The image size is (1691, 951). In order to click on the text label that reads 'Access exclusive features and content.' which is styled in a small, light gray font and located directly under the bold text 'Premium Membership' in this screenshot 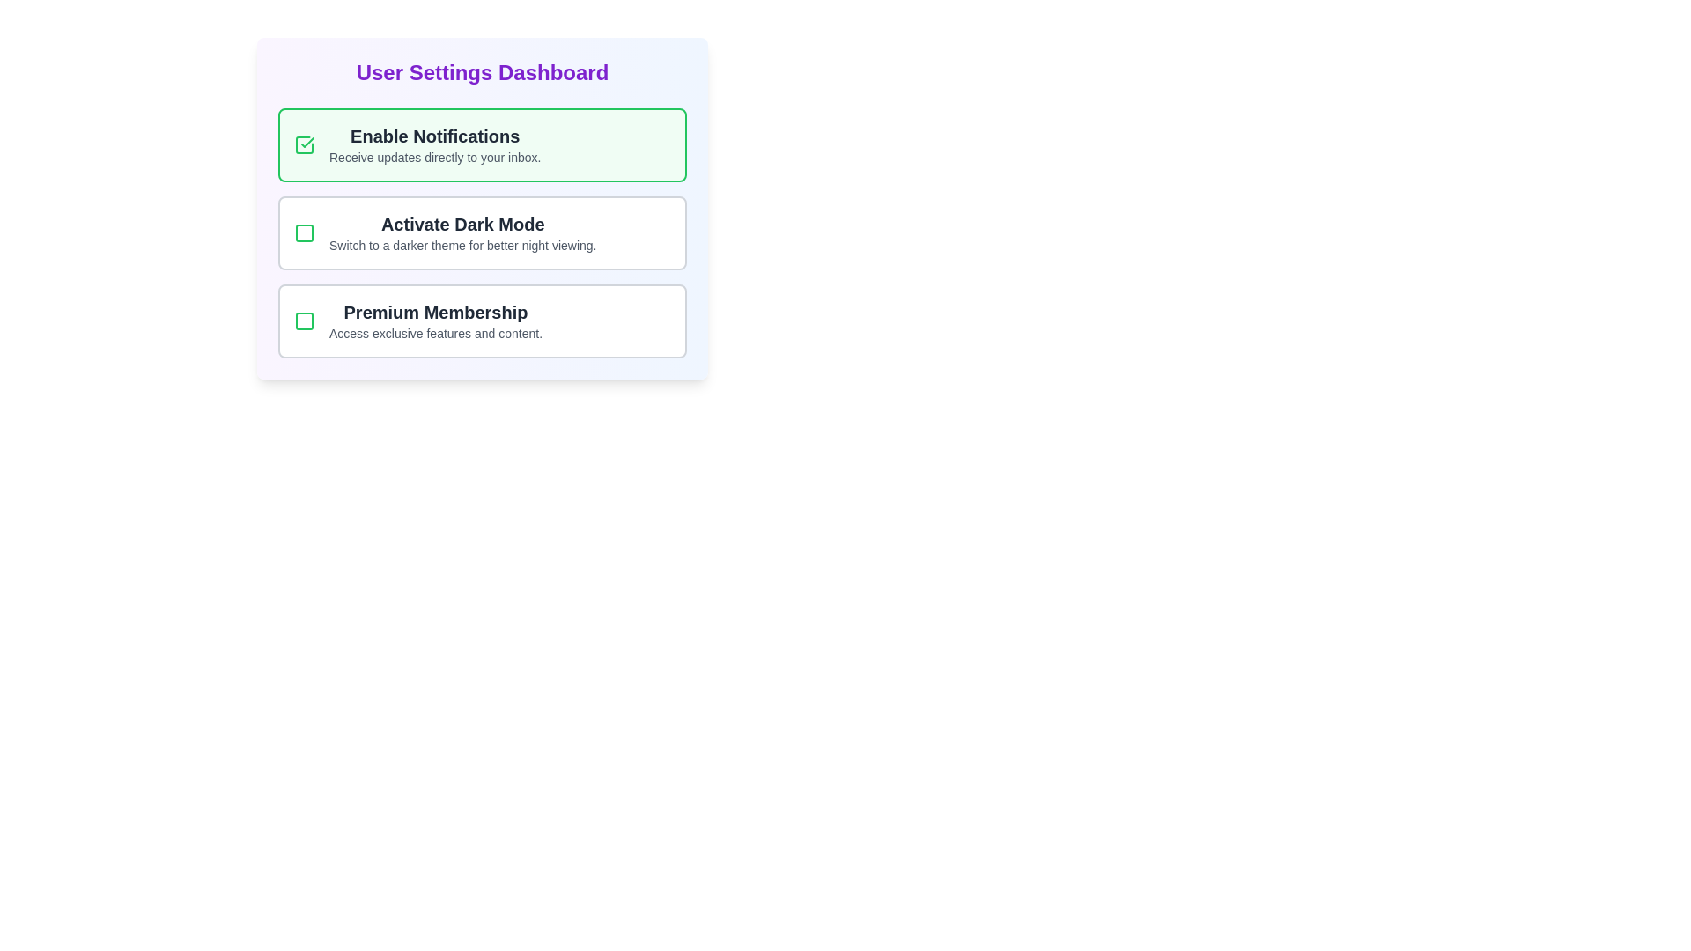, I will do `click(435, 333)`.